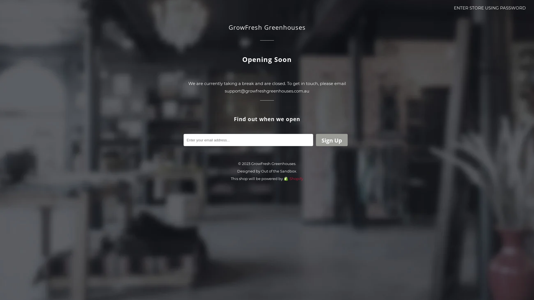 This screenshot has height=300, width=534. Describe the element at coordinates (283, 179) in the screenshot. I see `'Shopify'` at that location.